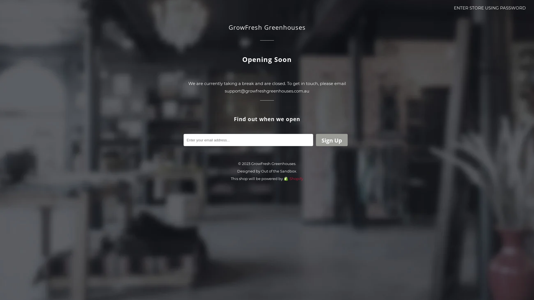 This screenshot has height=300, width=534. Describe the element at coordinates (283, 179) in the screenshot. I see `'Shopify'` at that location.